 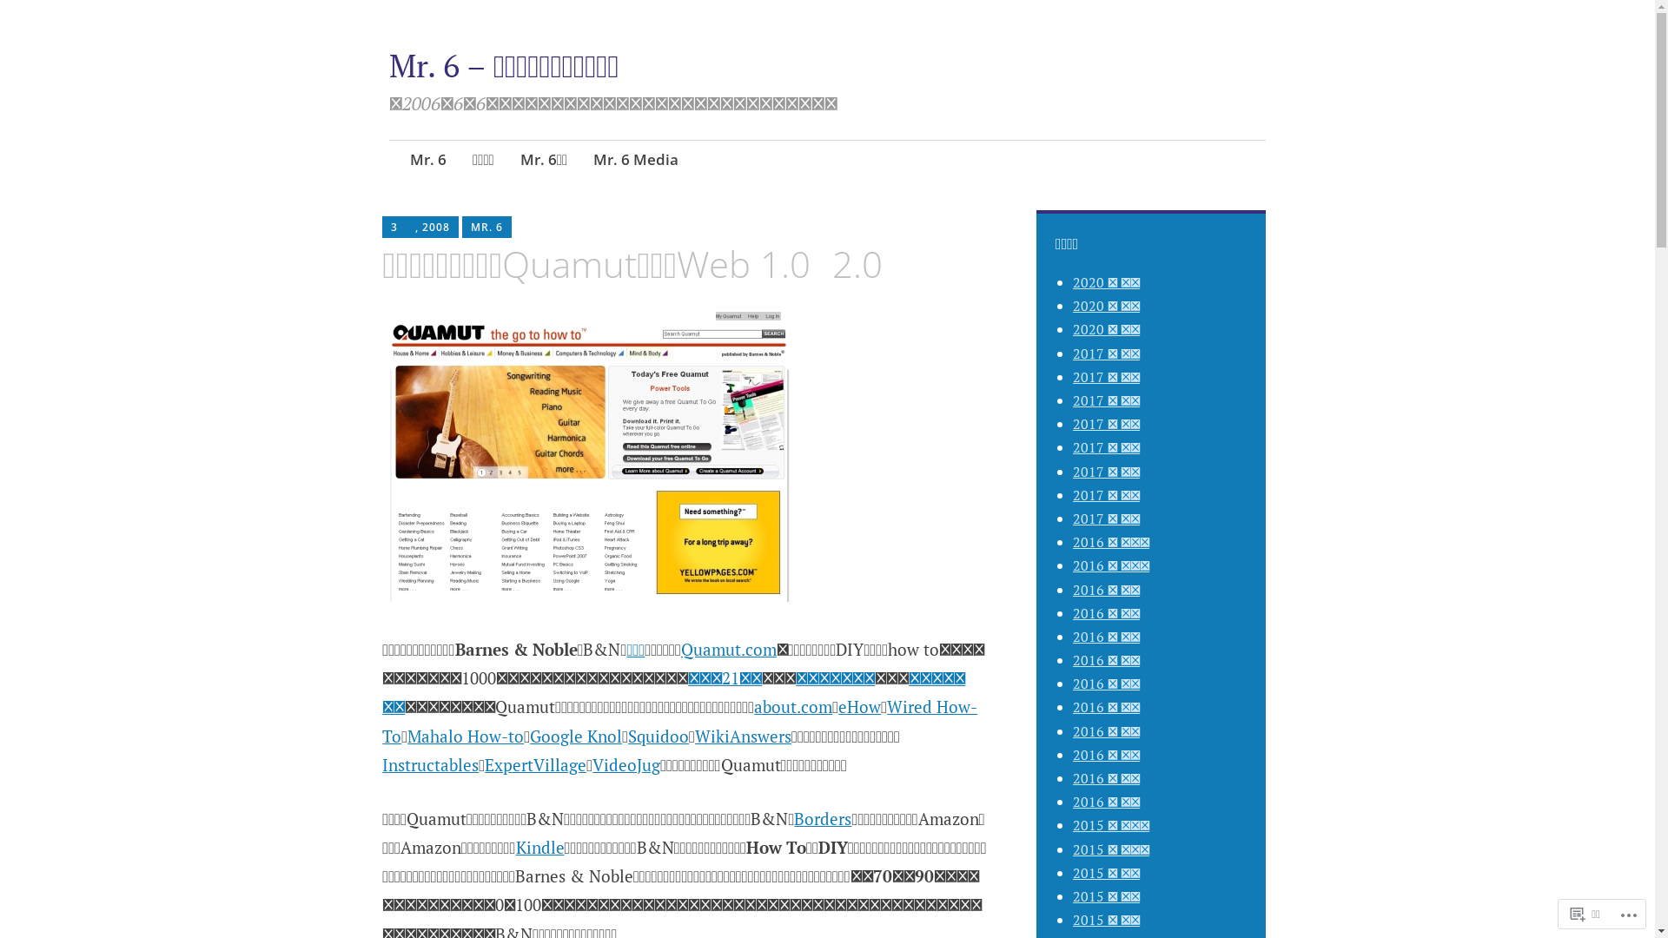 What do you see at coordinates (627, 736) in the screenshot?
I see `'Squidoo'` at bounding box center [627, 736].